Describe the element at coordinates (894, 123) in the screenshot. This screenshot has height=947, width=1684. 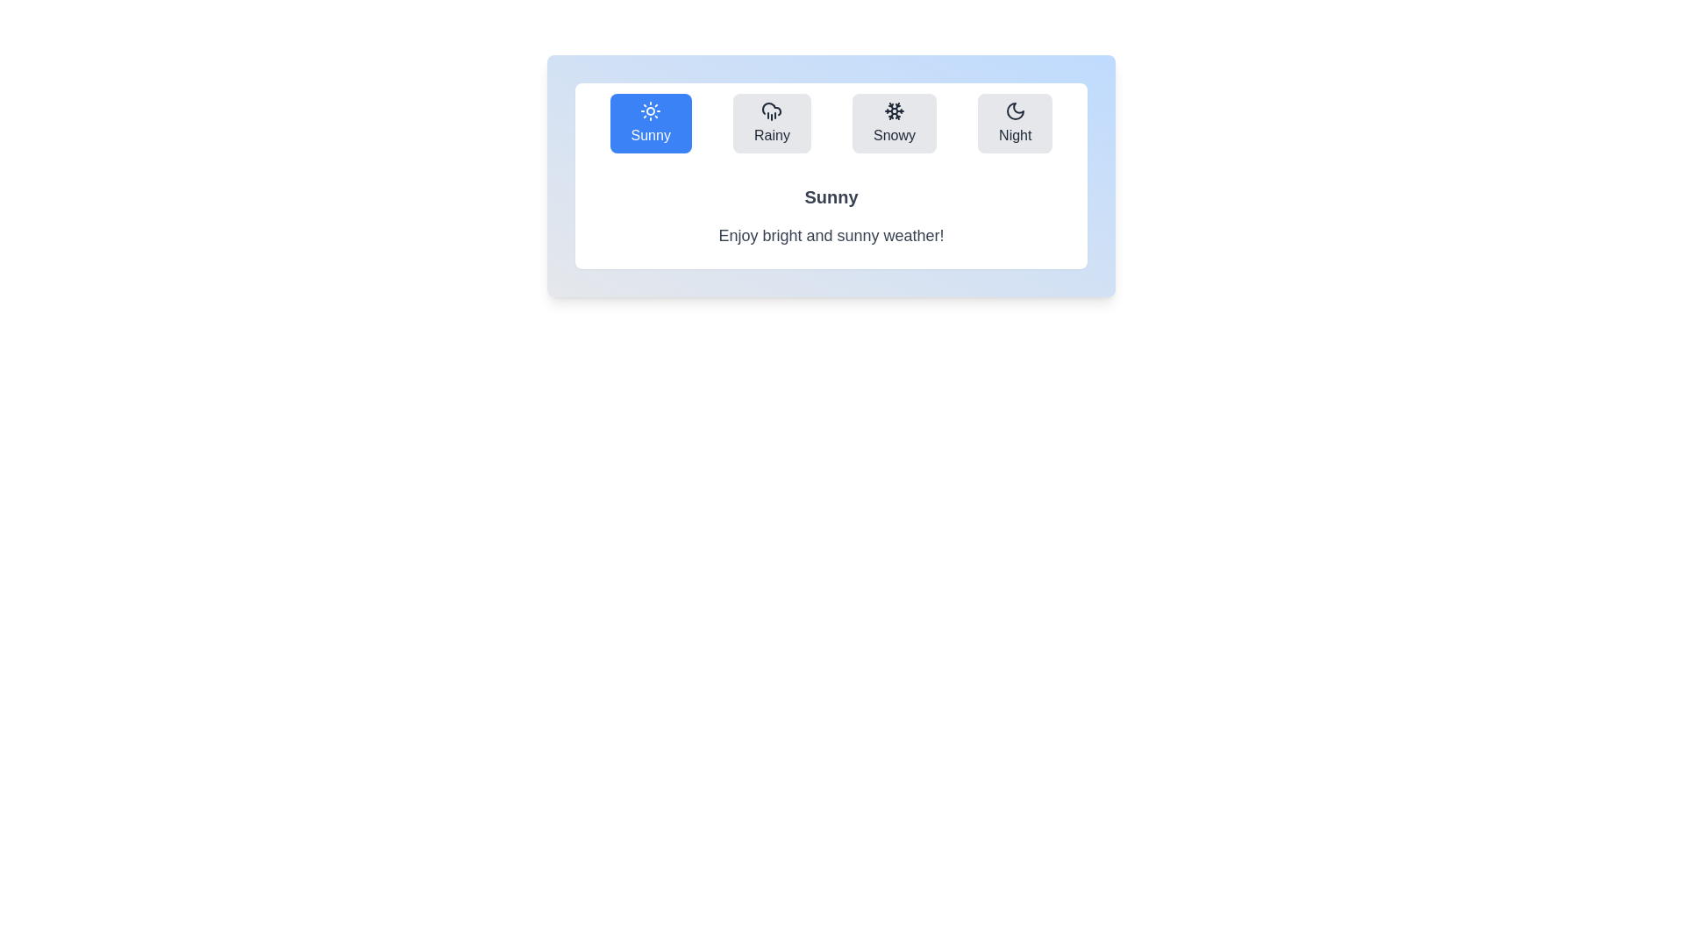
I see `the weather condition icon corresponding to Snowy` at that location.